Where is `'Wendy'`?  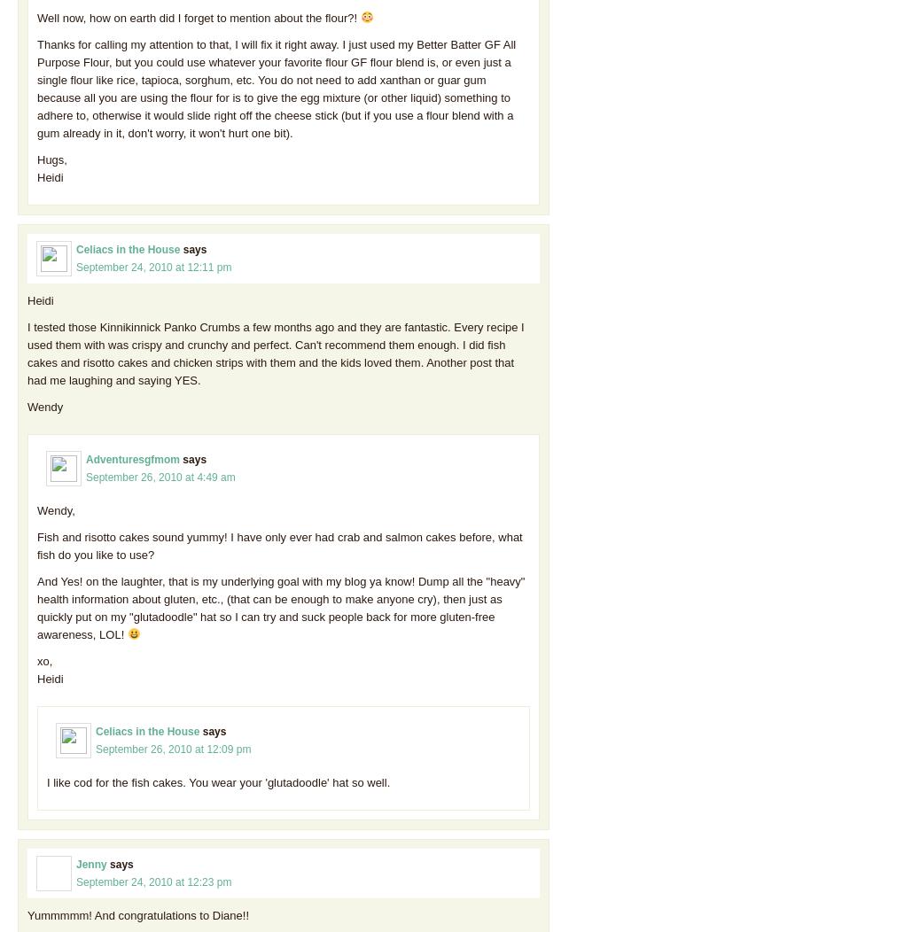
'Wendy' is located at coordinates (45, 406).